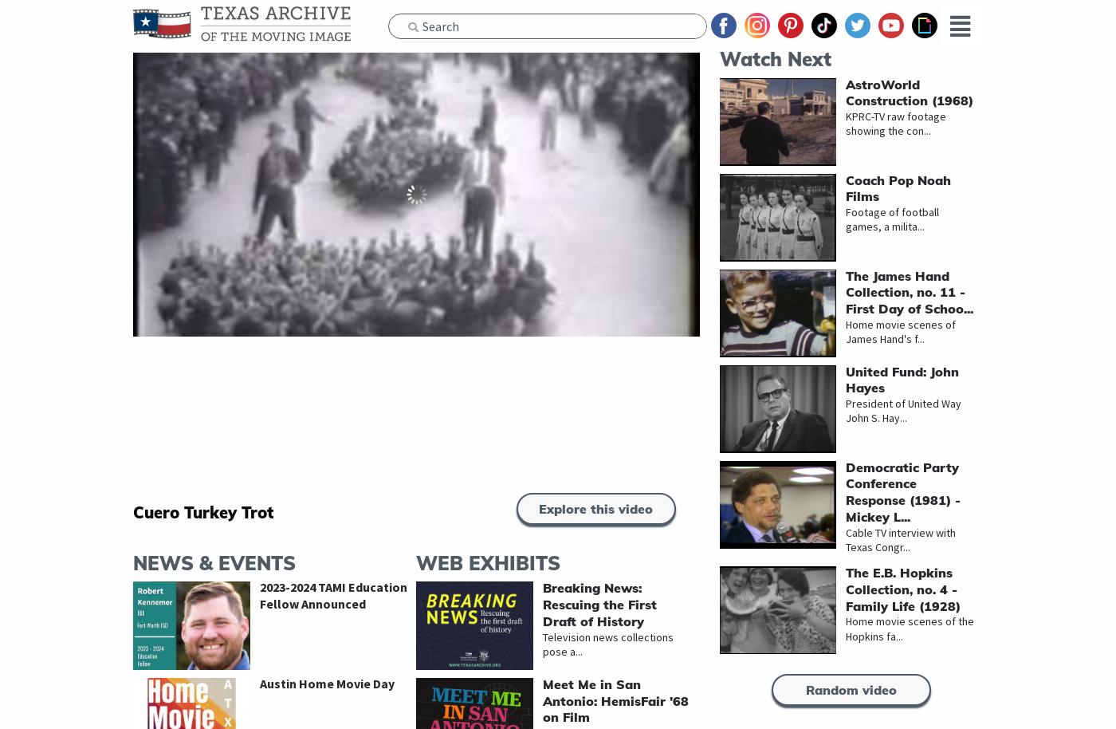 This screenshot has height=729, width=1116. I want to click on 'President of United Way John S. Hay...', so click(846, 410).